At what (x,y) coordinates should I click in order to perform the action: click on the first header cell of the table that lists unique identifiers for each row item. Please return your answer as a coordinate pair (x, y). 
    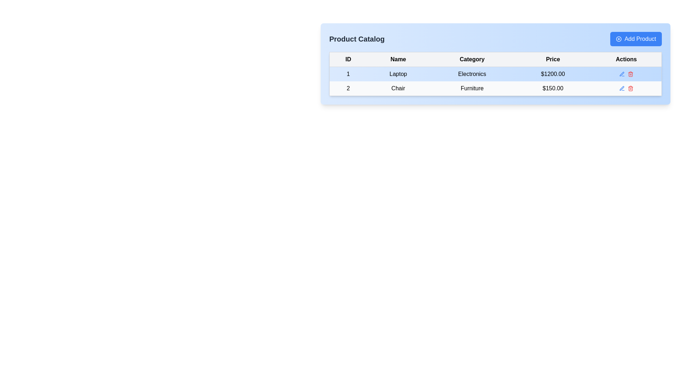
    Looking at the image, I should click on (348, 59).